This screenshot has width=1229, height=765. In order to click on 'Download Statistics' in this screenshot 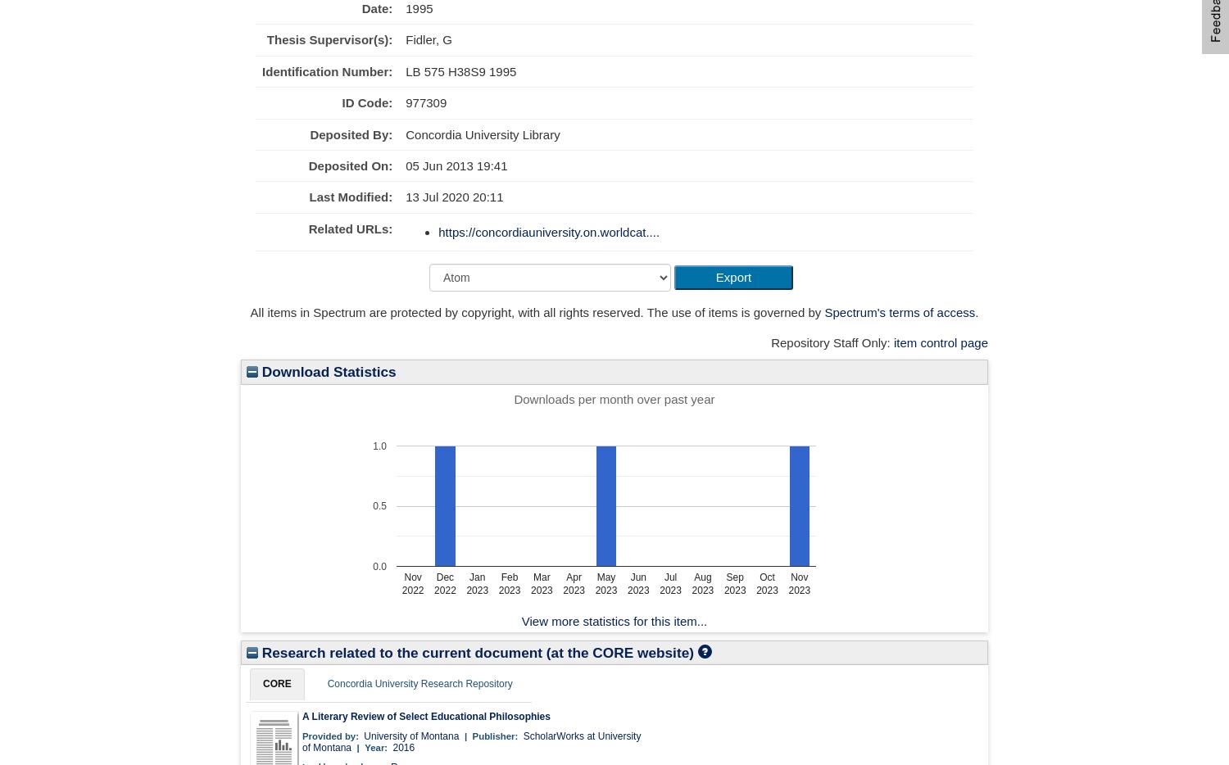, I will do `click(327, 372)`.